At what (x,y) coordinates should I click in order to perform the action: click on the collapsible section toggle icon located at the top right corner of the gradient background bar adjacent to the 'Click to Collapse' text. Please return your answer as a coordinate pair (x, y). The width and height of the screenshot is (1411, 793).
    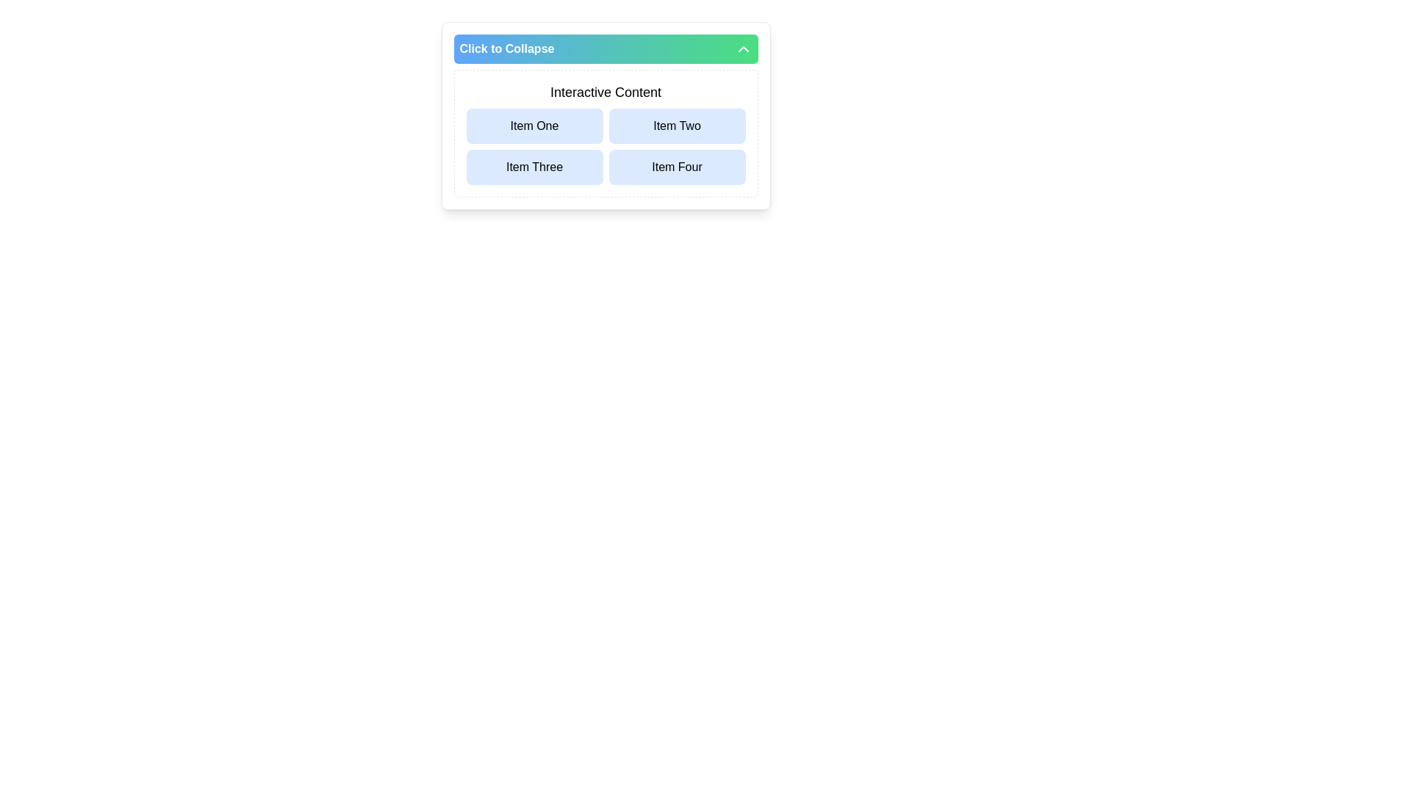
    Looking at the image, I should click on (743, 48).